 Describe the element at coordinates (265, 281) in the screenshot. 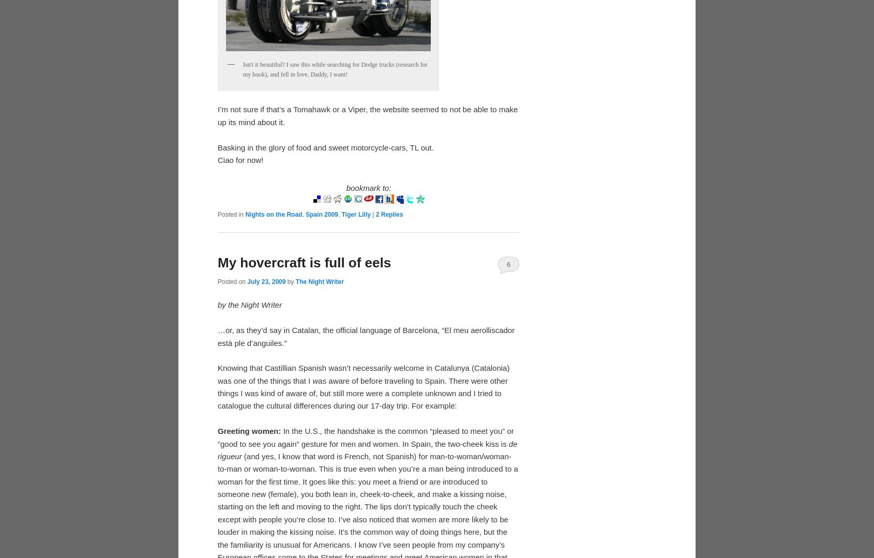

I see `'July 23, 2009'` at that location.